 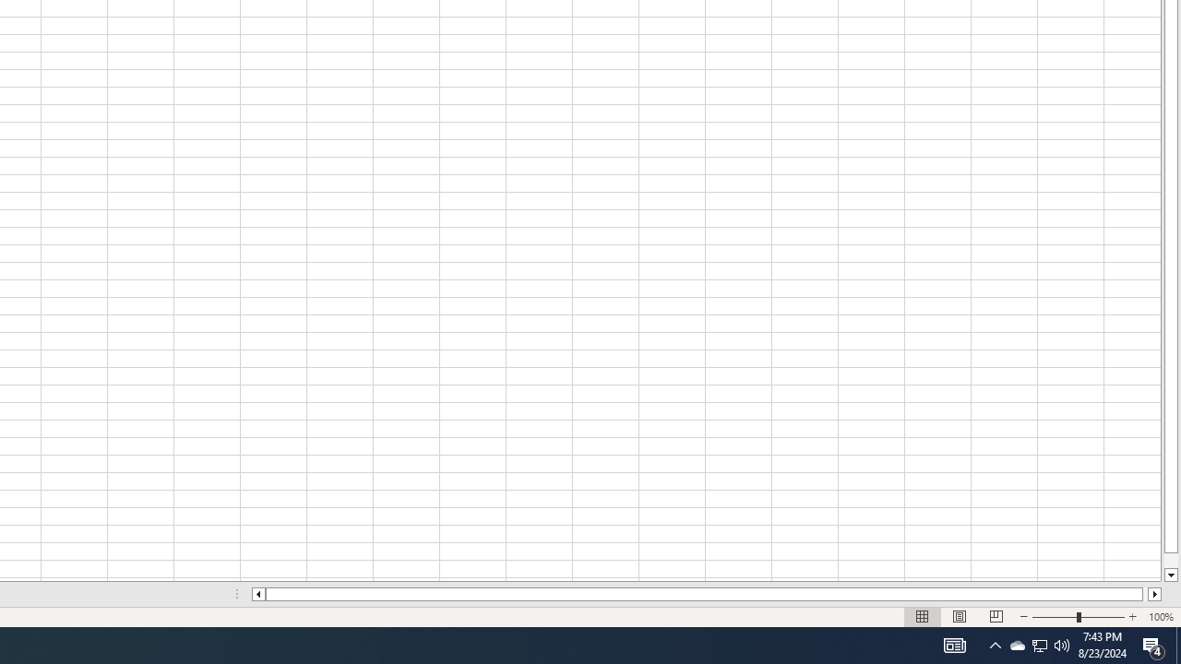 I want to click on 'Zoom', so click(x=1078, y=617).